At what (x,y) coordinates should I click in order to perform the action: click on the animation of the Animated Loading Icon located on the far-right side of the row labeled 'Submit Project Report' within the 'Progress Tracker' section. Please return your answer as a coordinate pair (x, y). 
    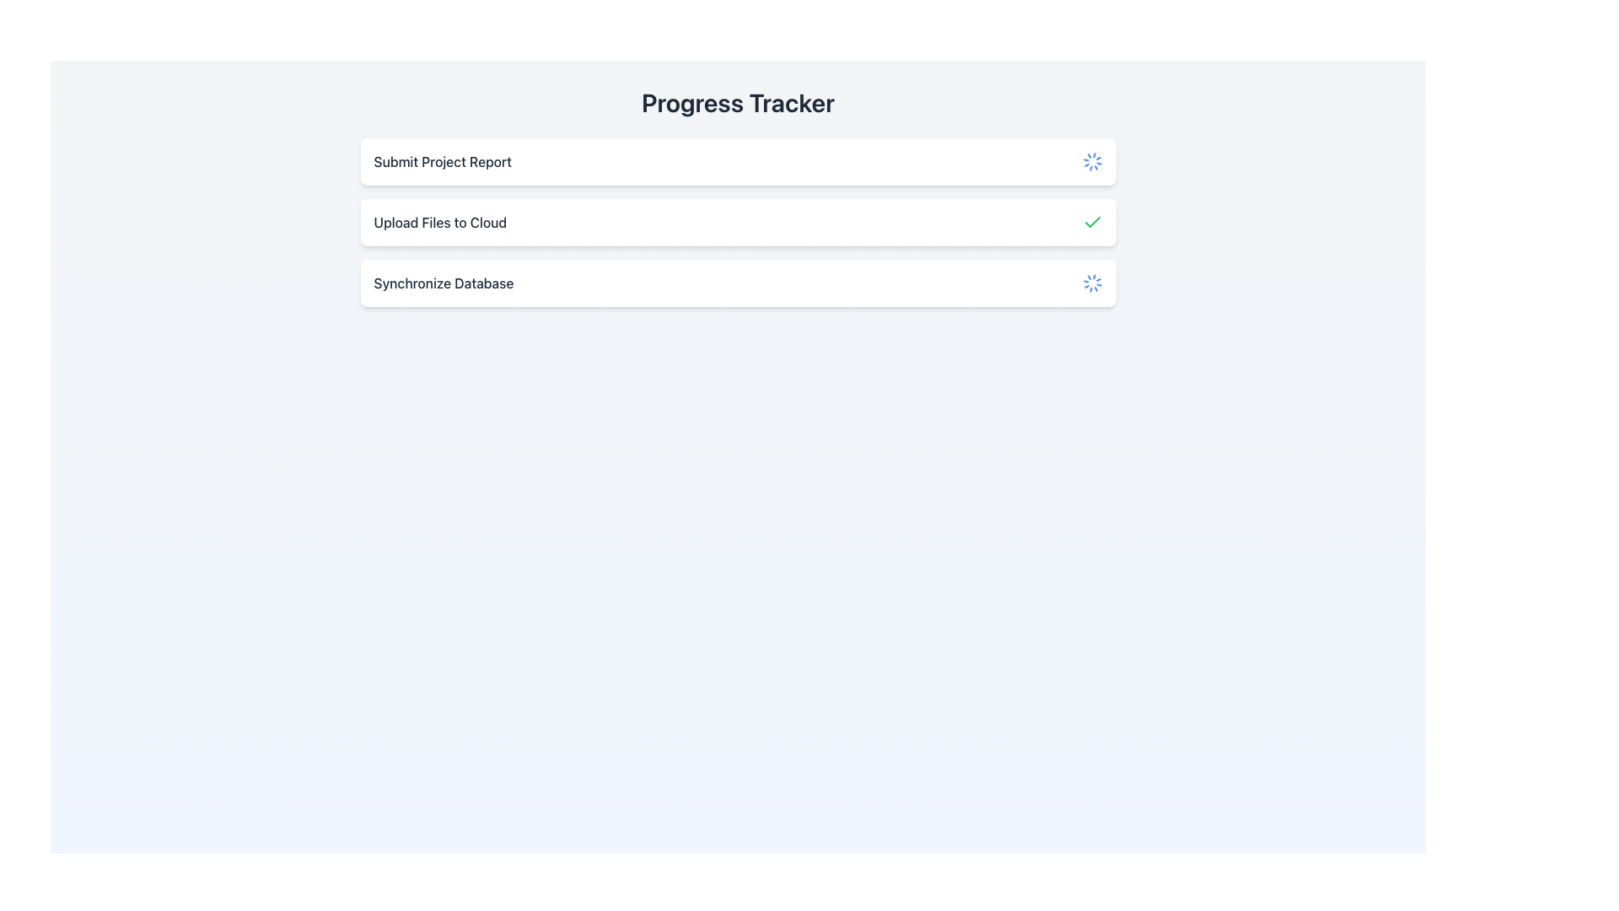
    Looking at the image, I should click on (1092, 162).